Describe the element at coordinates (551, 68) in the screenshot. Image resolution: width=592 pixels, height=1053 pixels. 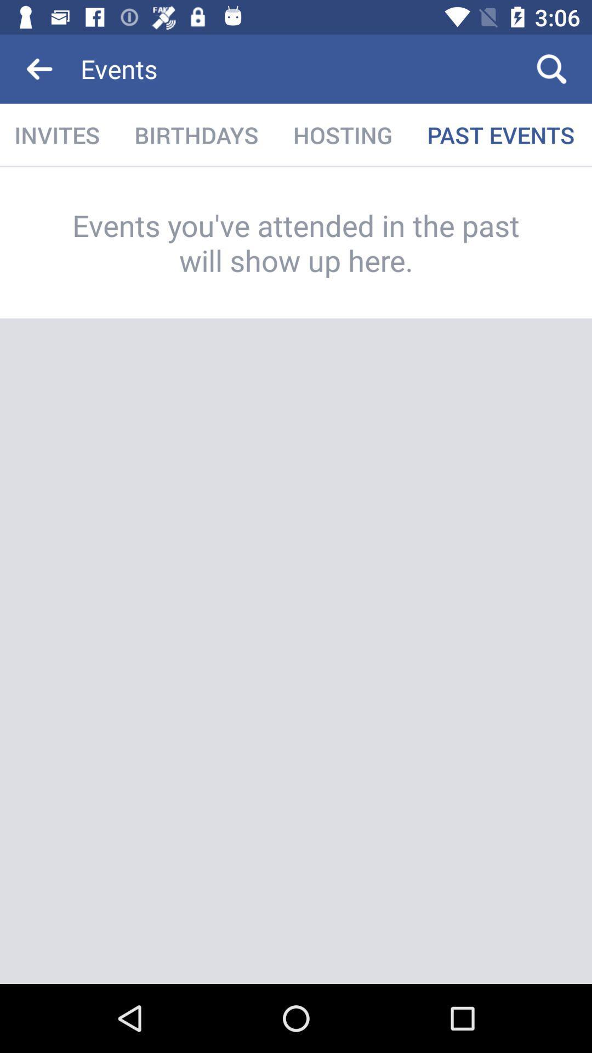
I see `item above the past events item` at that location.